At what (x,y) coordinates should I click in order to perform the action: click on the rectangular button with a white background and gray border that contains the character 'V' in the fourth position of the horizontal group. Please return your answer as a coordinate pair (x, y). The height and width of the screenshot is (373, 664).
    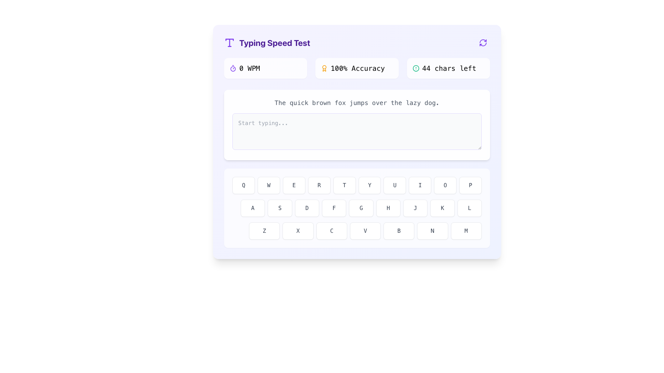
    Looking at the image, I should click on (365, 231).